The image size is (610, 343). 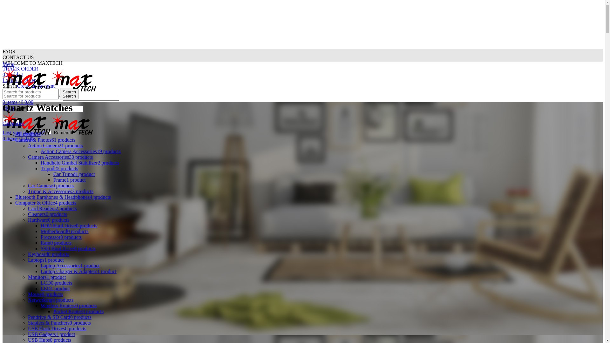 I want to click on 'Tripod25 products', so click(x=59, y=168).